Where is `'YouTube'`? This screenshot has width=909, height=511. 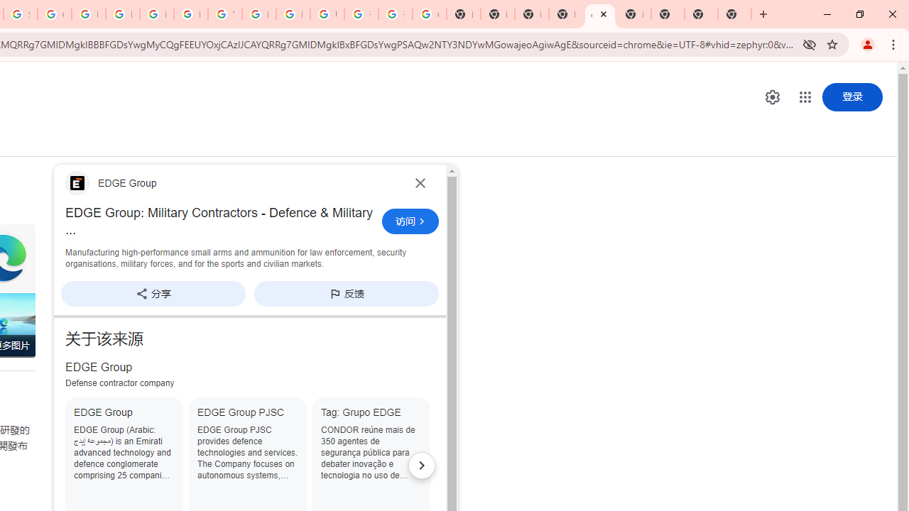
'YouTube' is located at coordinates (224, 14).